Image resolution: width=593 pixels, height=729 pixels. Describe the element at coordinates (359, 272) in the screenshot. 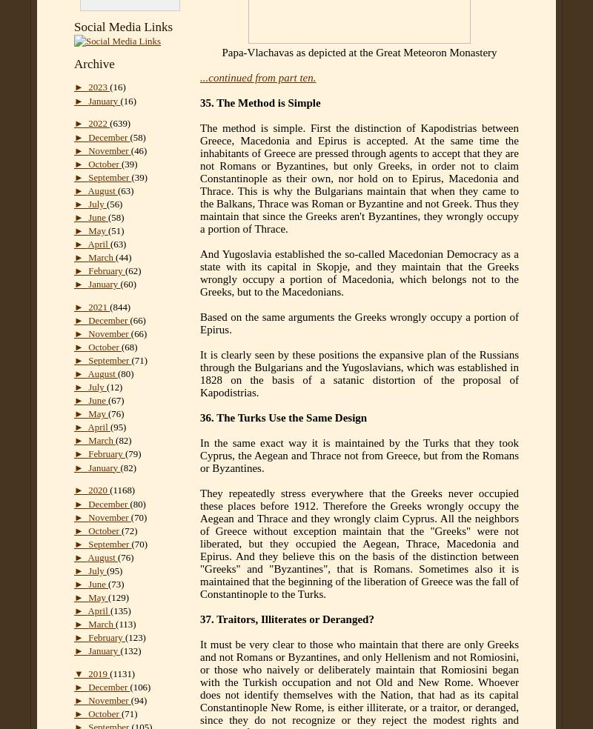

I see `'And Yugoslavia established the so-called Macedonian Democracy as a state with its capital in Skopje, and they maintain that the Greeks wrongly occupy a portion of Macedonia, which belongs not to the Greeks, but to the Macedonians.'` at that location.